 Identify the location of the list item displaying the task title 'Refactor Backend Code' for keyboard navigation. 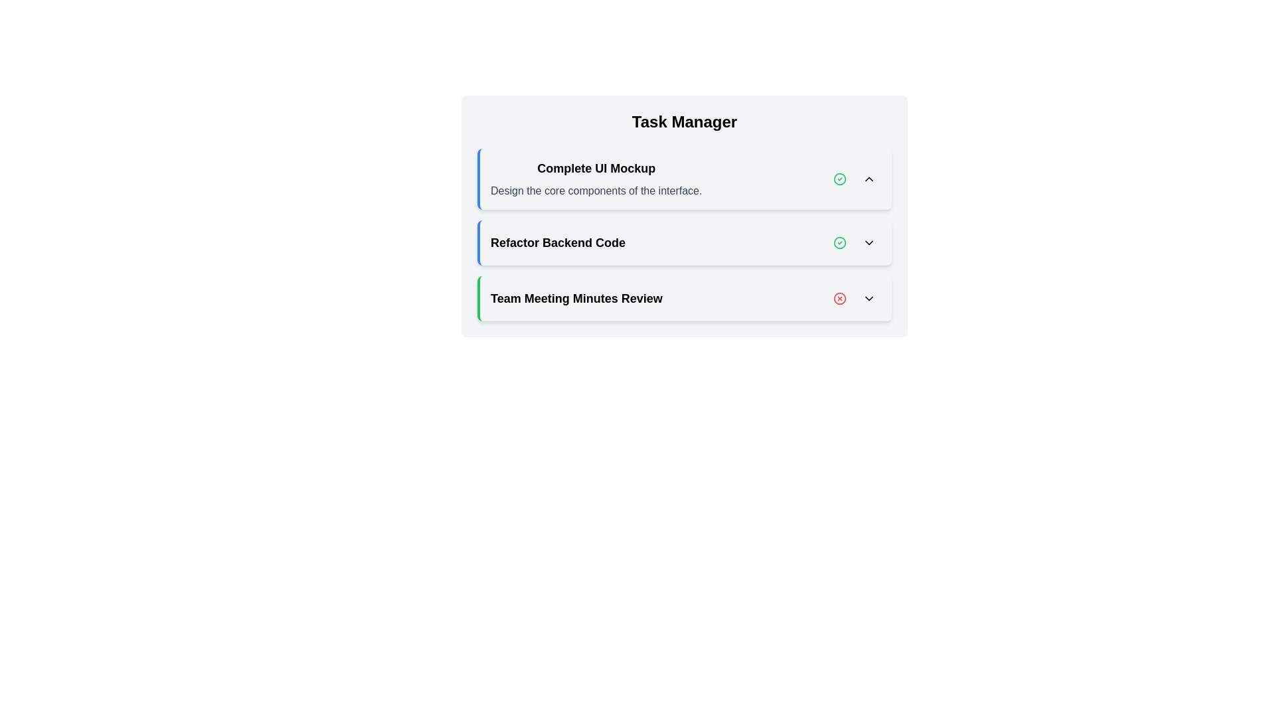
(685, 243).